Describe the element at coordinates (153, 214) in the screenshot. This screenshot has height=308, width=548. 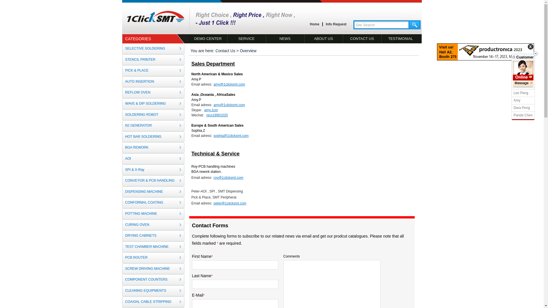
I see `'POTTING MACHINE'` at that location.